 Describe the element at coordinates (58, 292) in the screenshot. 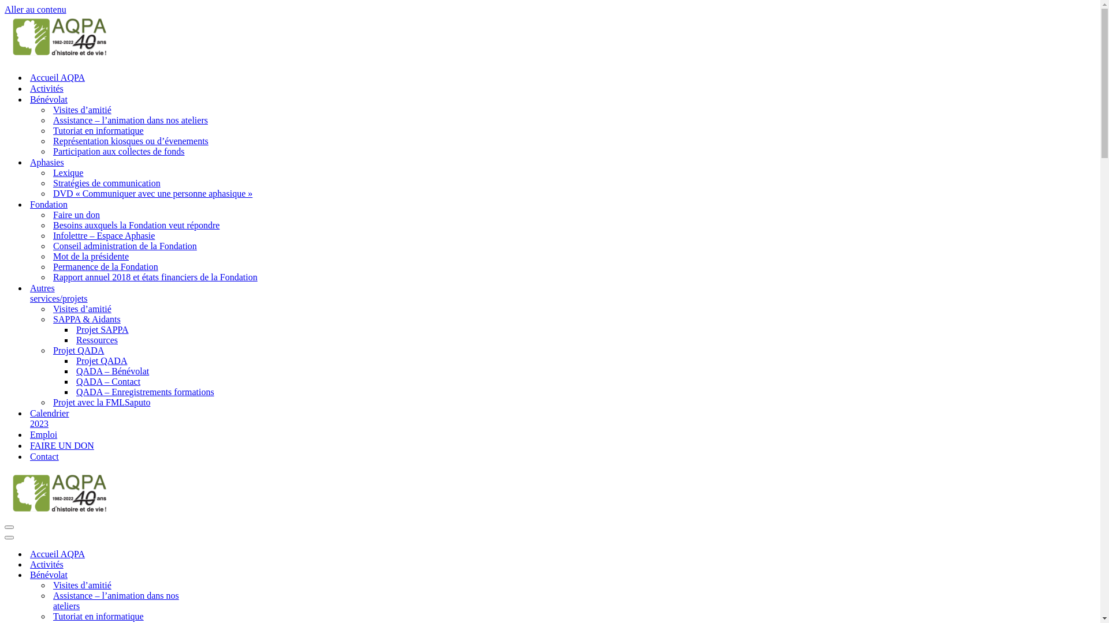

I see `'Autres` at that location.